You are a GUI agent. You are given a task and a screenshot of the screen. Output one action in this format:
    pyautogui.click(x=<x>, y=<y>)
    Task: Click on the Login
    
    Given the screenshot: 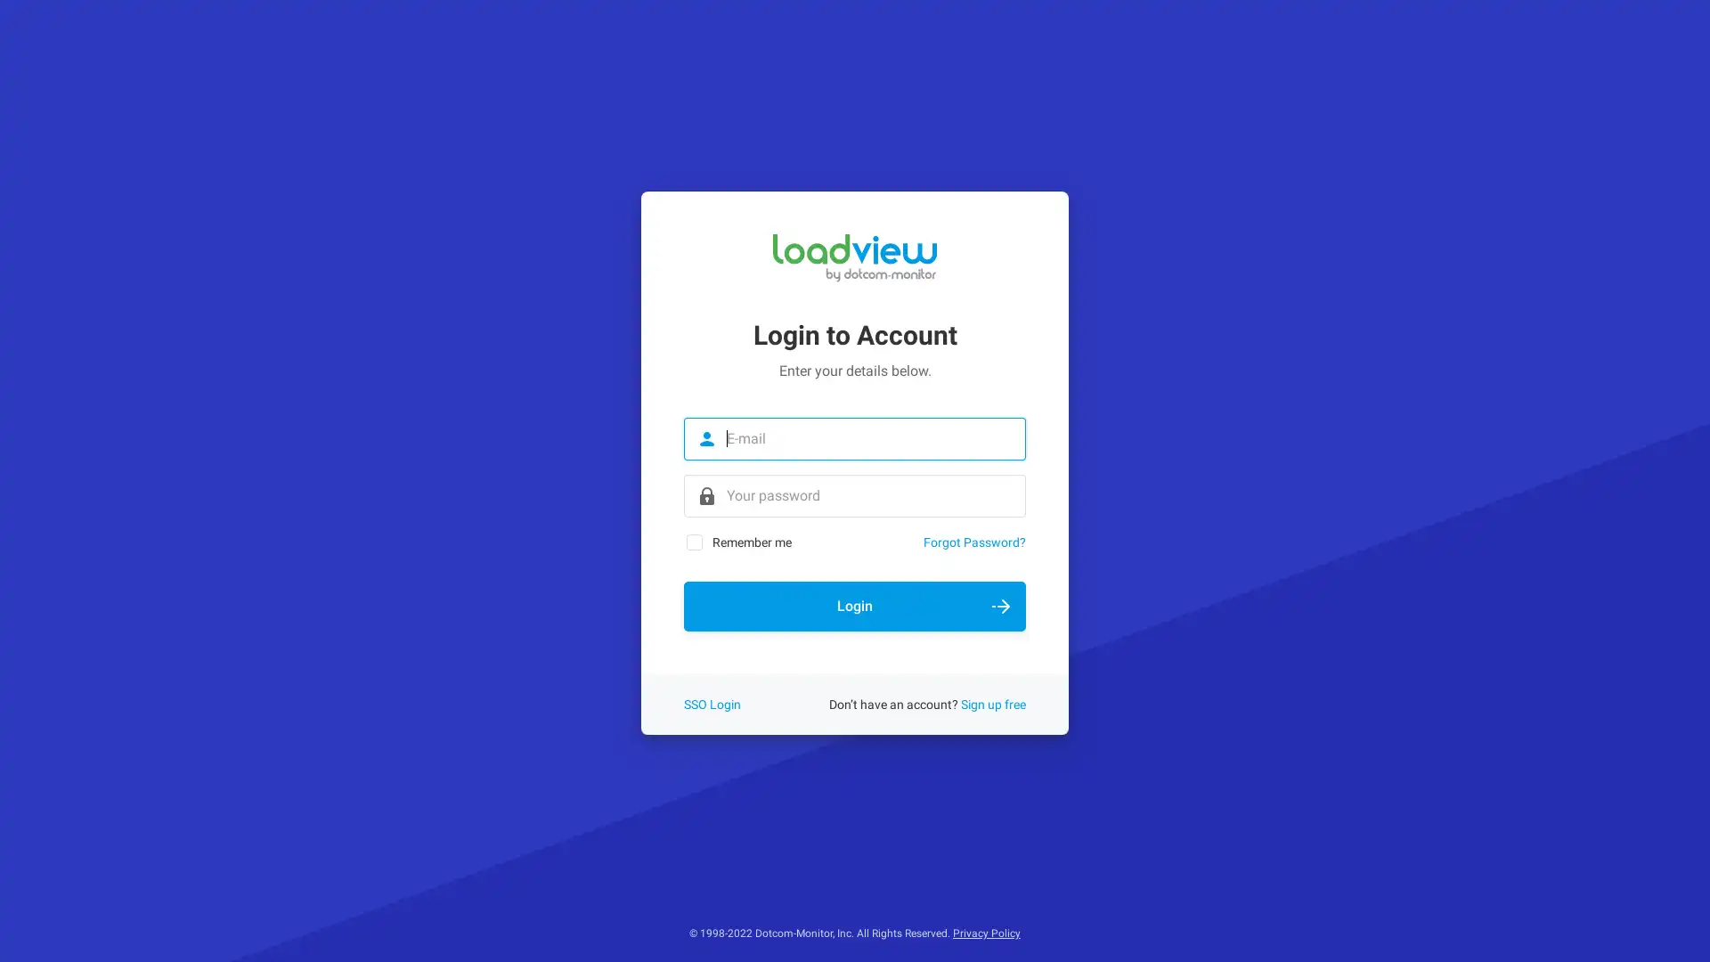 What is the action you would take?
    pyautogui.click(x=855, y=604)
    